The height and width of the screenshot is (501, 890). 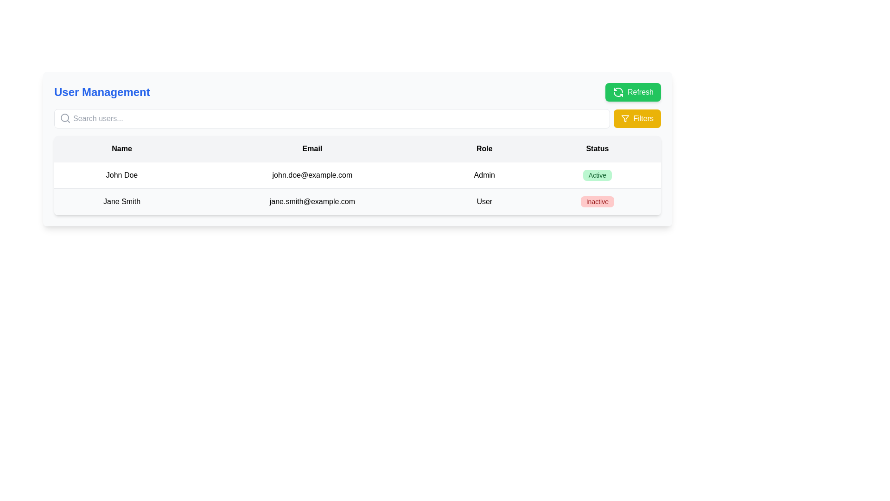 What do you see at coordinates (64, 117) in the screenshot?
I see `the search icon located inside the text input field, which signifies the search functionality and is positioned to the far left of the placeholder text 'Search users...'` at bounding box center [64, 117].